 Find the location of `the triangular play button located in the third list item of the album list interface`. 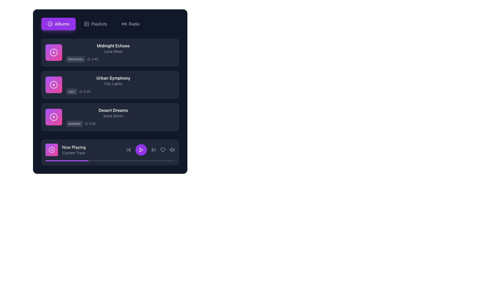

the triangular play button located in the third list item of the album list interface is located at coordinates (170, 117).